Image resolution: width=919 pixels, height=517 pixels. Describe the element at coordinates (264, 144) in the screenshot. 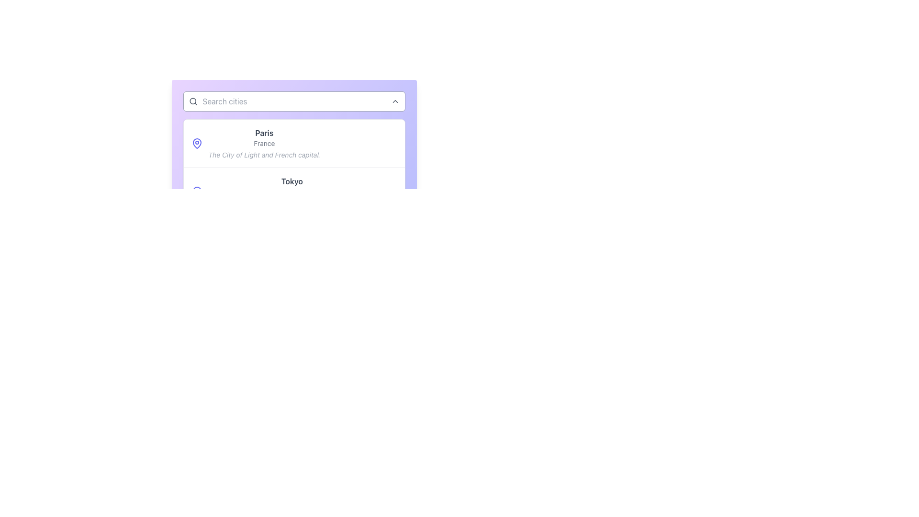

I see `the text label displaying 'France' which is styled in a smaller gray font and located beneath 'Paris' in the city selection interface` at that location.